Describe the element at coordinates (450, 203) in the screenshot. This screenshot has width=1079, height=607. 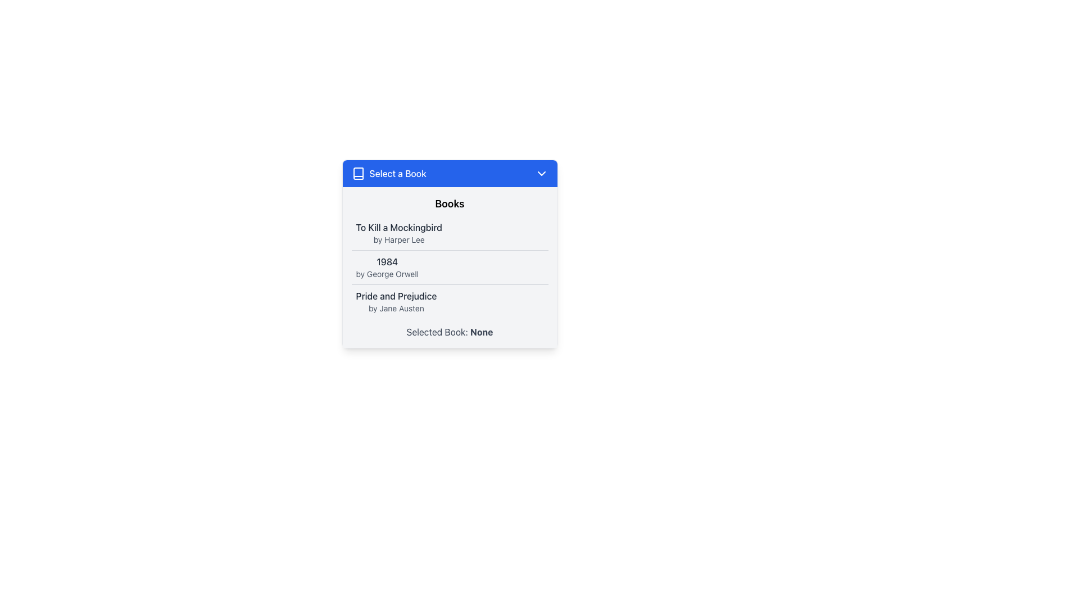
I see `the text heading 'Books' which is styled in bold and large font at the top of the panel, serving as a heading for the list of book titles` at that location.